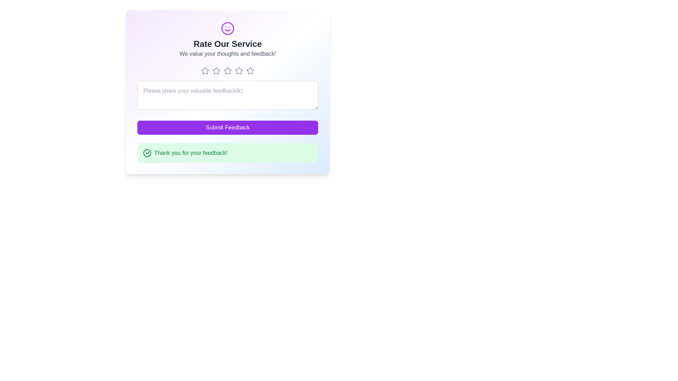 This screenshot has height=381, width=678. What do you see at coordinates (216, 71) in the screenshot?
I see `the second star icon from the left in the row of rating stars` at bounding box center [216, 71].